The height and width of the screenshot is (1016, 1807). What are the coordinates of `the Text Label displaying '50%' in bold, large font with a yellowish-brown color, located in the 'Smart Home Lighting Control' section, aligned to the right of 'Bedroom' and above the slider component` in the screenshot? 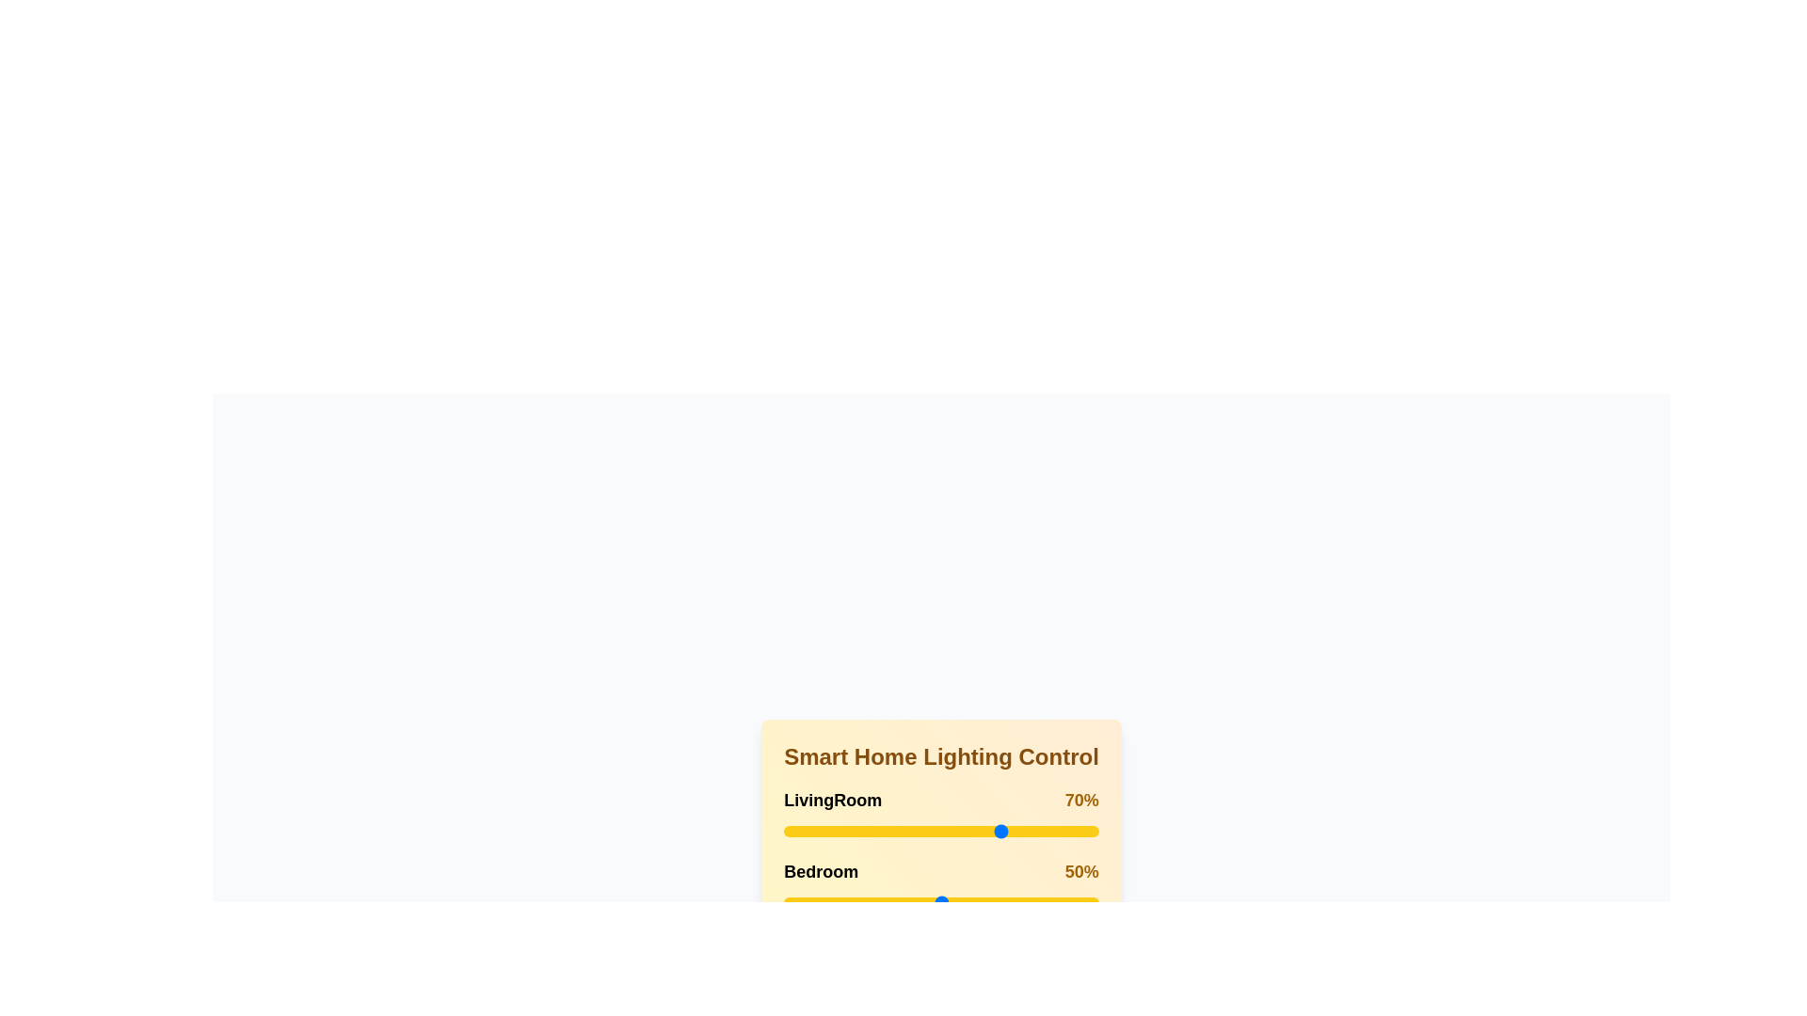 It's located at (1081, 871).